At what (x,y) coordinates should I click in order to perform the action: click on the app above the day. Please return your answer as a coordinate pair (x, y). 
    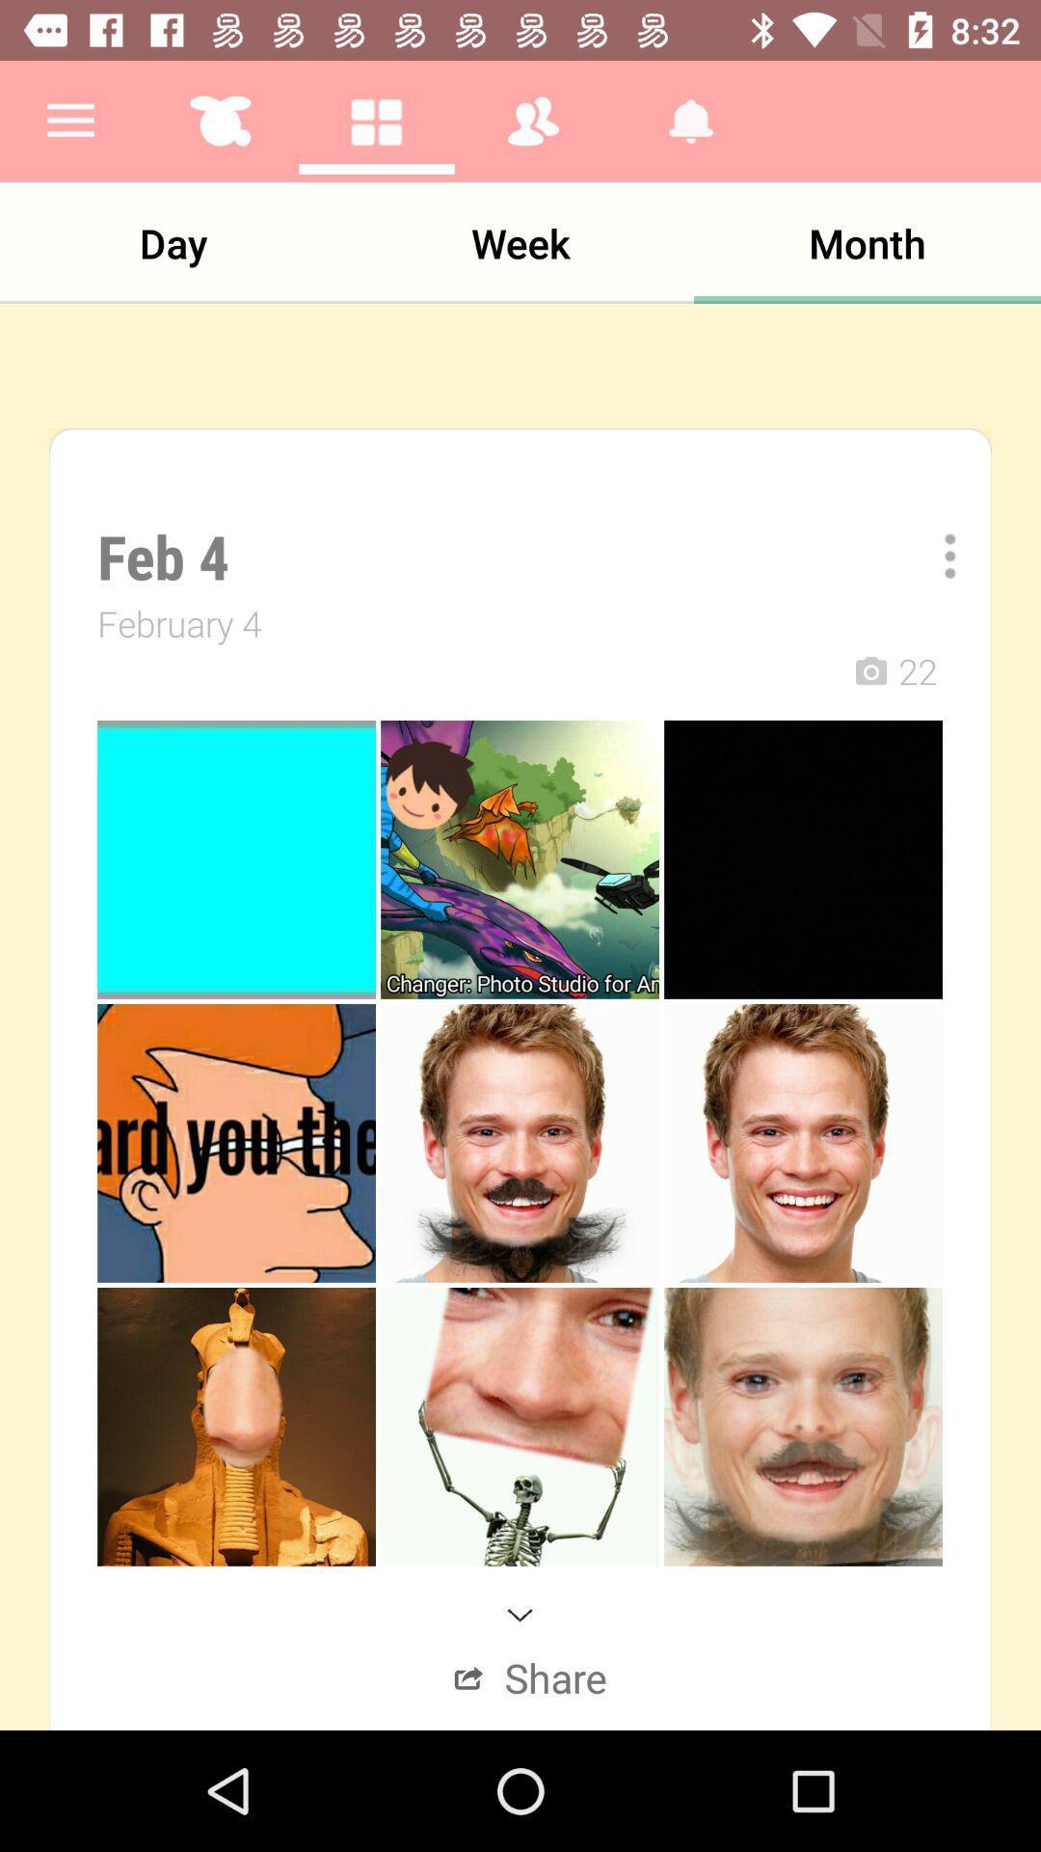
    Looking at the image, I should click on (69, 120).